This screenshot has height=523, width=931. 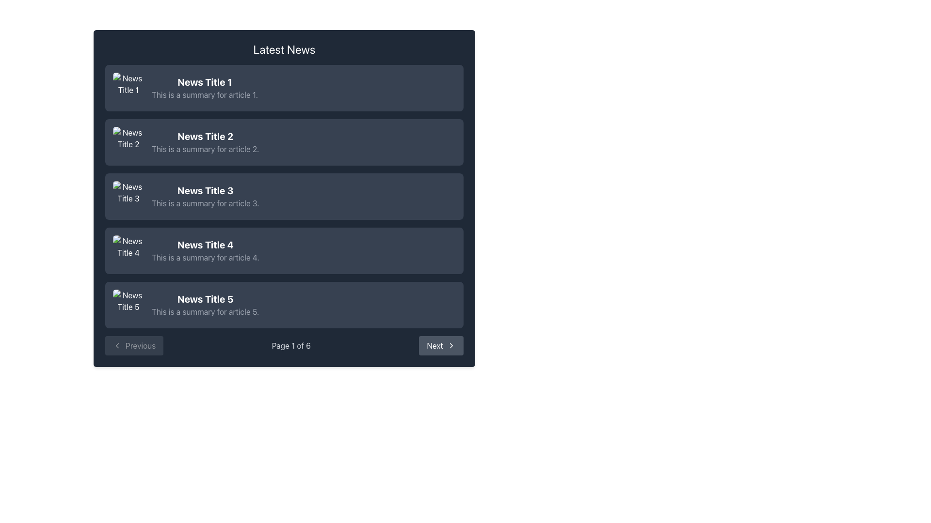 What do you see at coordinates (205, 244) in the screenshot?
I see `text 'News Title 4' which serves as the title of the fourth news article in the list` at bounding box center [205, 244].